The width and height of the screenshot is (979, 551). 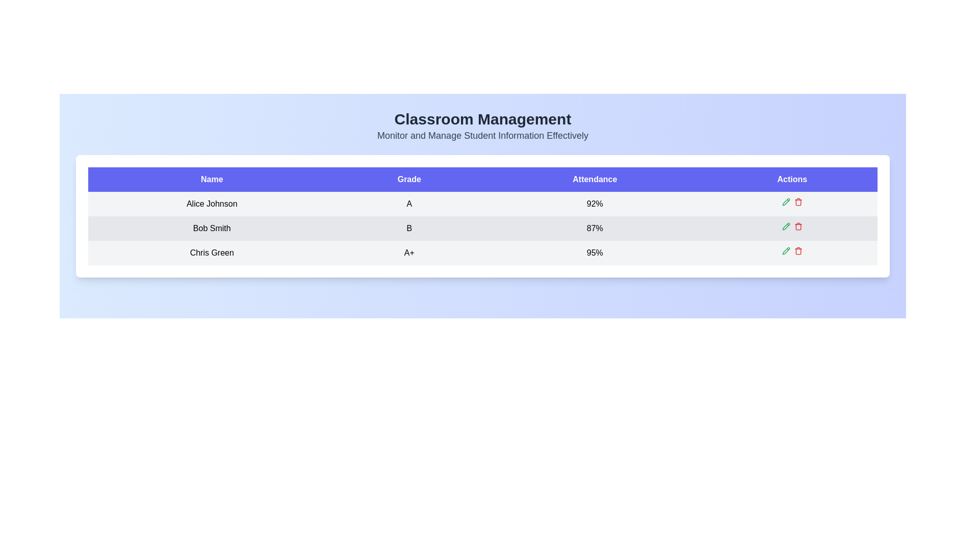 What do you see at coordinates (482, 204) in the screenshot?
I see `the first row in the table that presents information about Alice Johnson, including their grade and attendance percentage` at bounding box center [482, 204].